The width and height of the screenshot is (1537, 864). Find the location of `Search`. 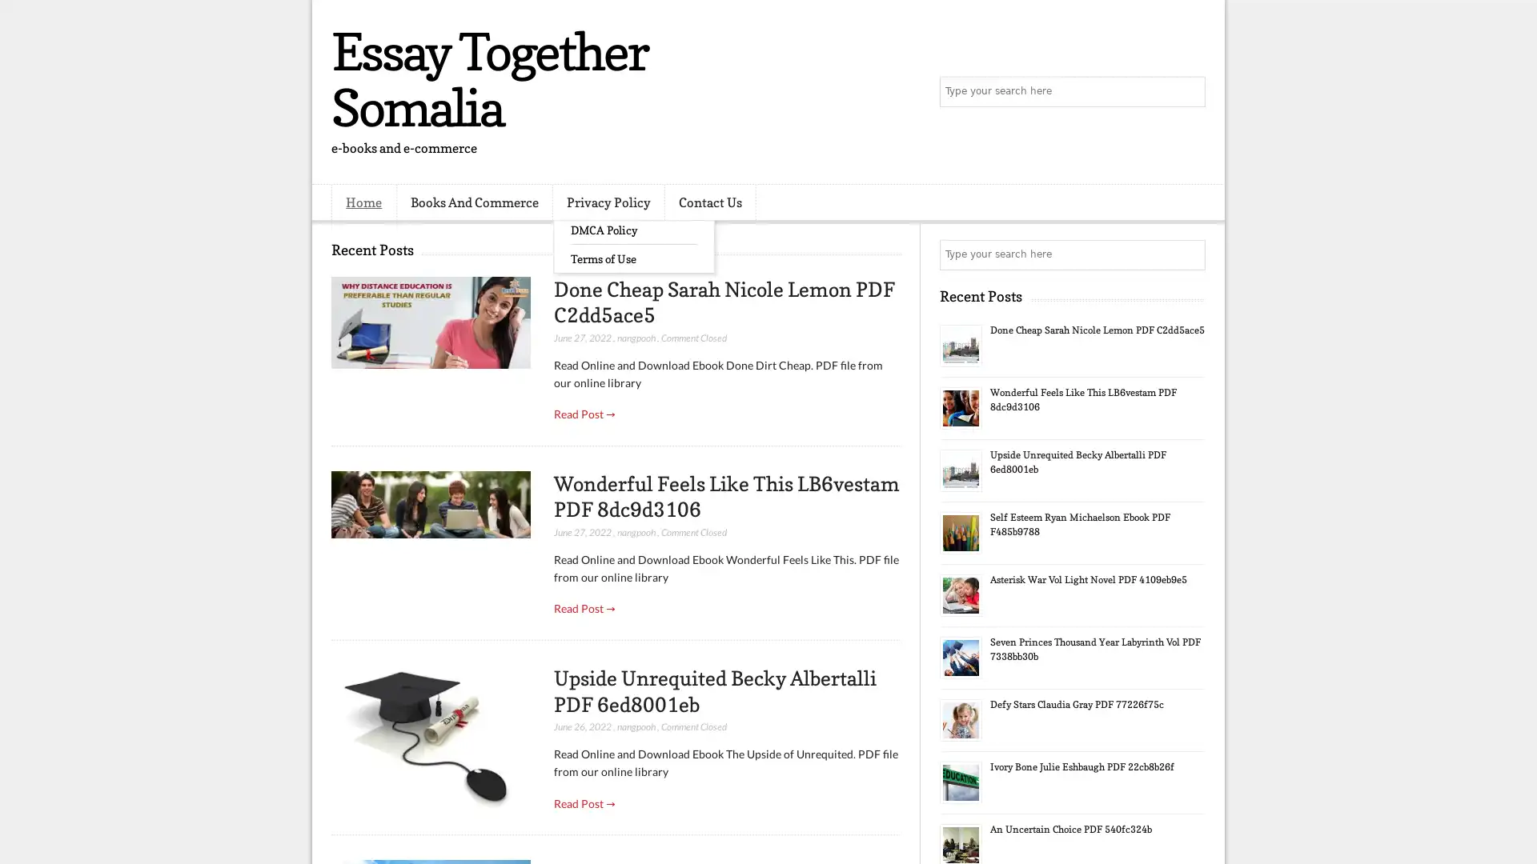

Search is located at coordinates (1189, 254).